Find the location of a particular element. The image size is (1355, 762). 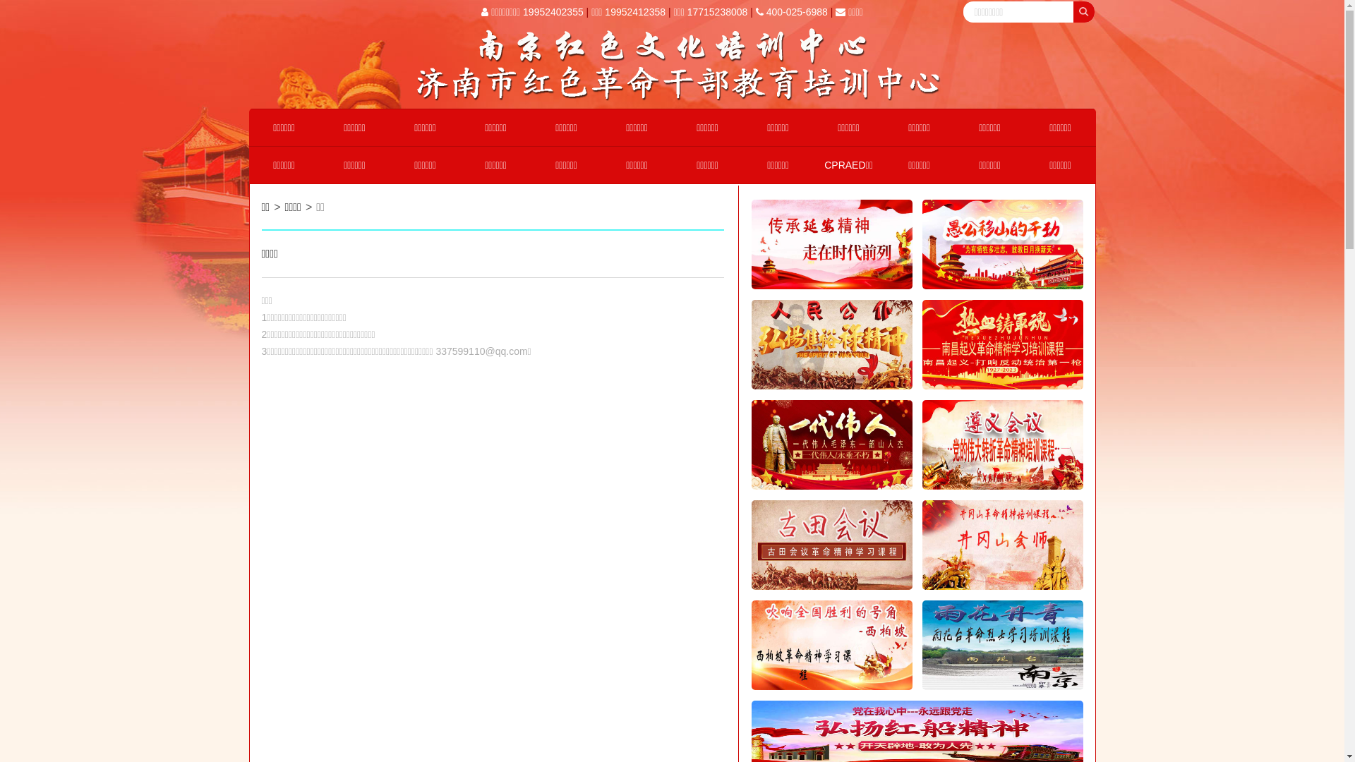

'400-025-6988' is located at coordinates (792, 11).